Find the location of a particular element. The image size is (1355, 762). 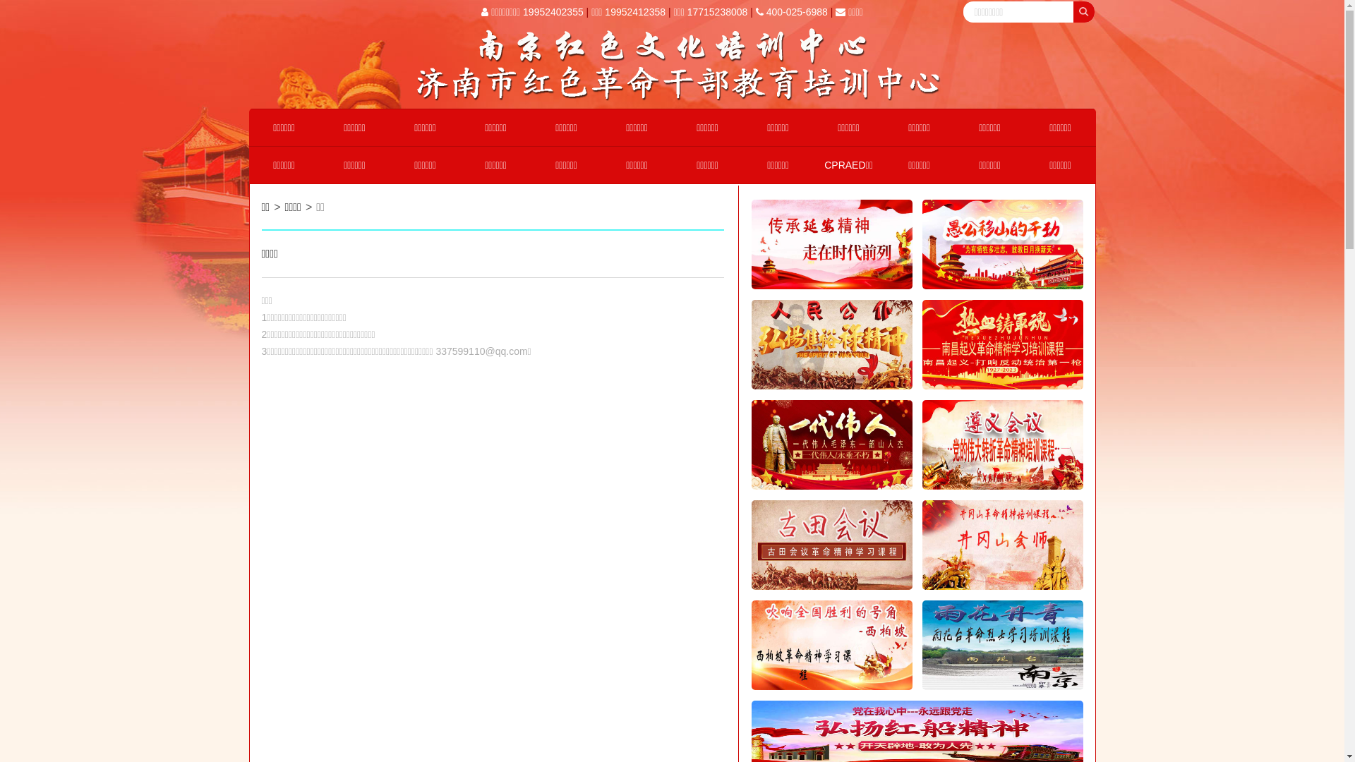

'400-025-6988' is located at coordinates (792, 11).